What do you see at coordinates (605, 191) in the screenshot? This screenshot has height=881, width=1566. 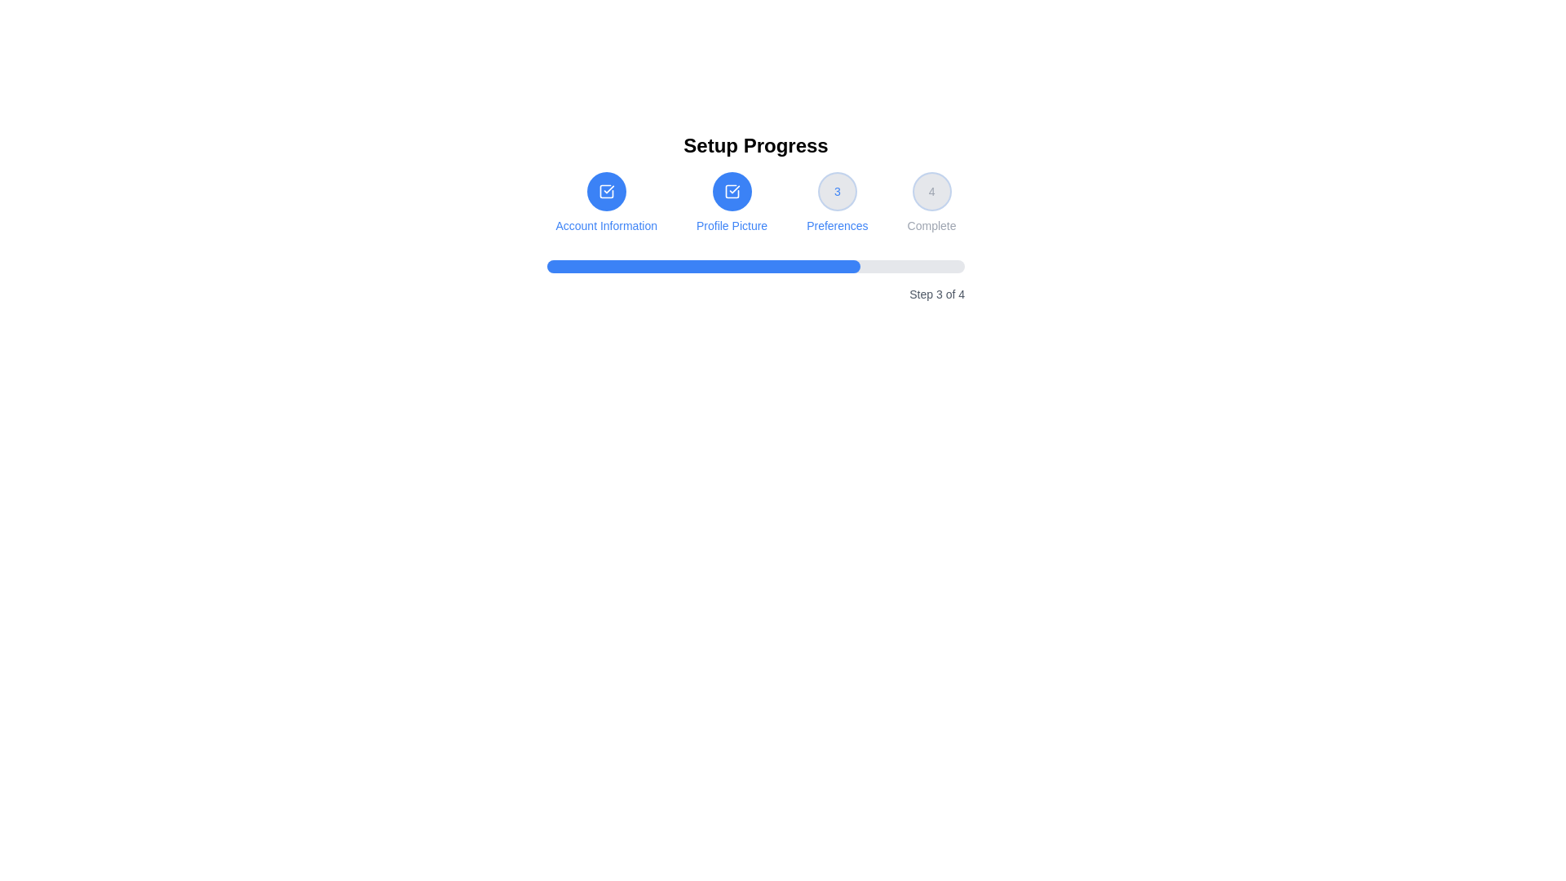 I see `the circular graphic icon filled with a blue background and a white checkmark, part of the progress bar indicating 'Account Information'` at bounding box center [605, 191].